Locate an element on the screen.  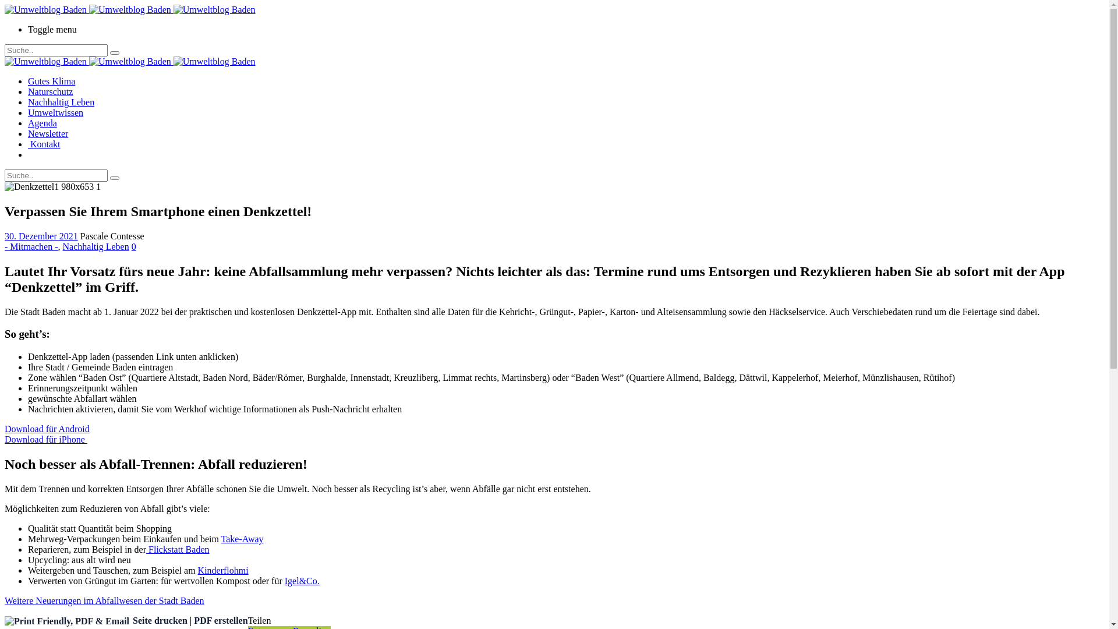
'Naturschutz' is located at coordinates (49, 91).